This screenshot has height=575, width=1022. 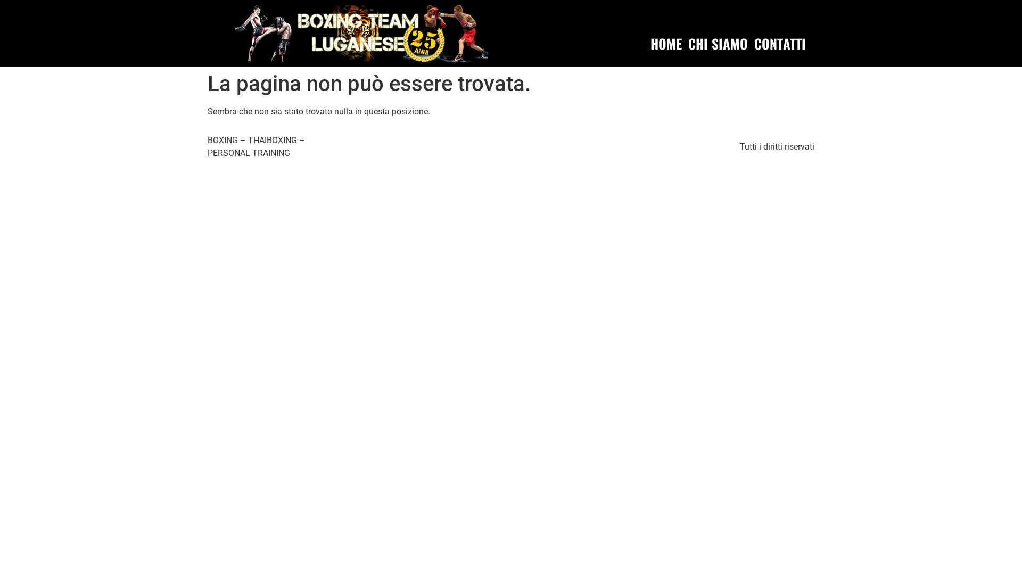 What do you see at coordinates (718, 43) in the screenshot?
I see `'CHI SIAMO'` at bounding box center [718, 43].